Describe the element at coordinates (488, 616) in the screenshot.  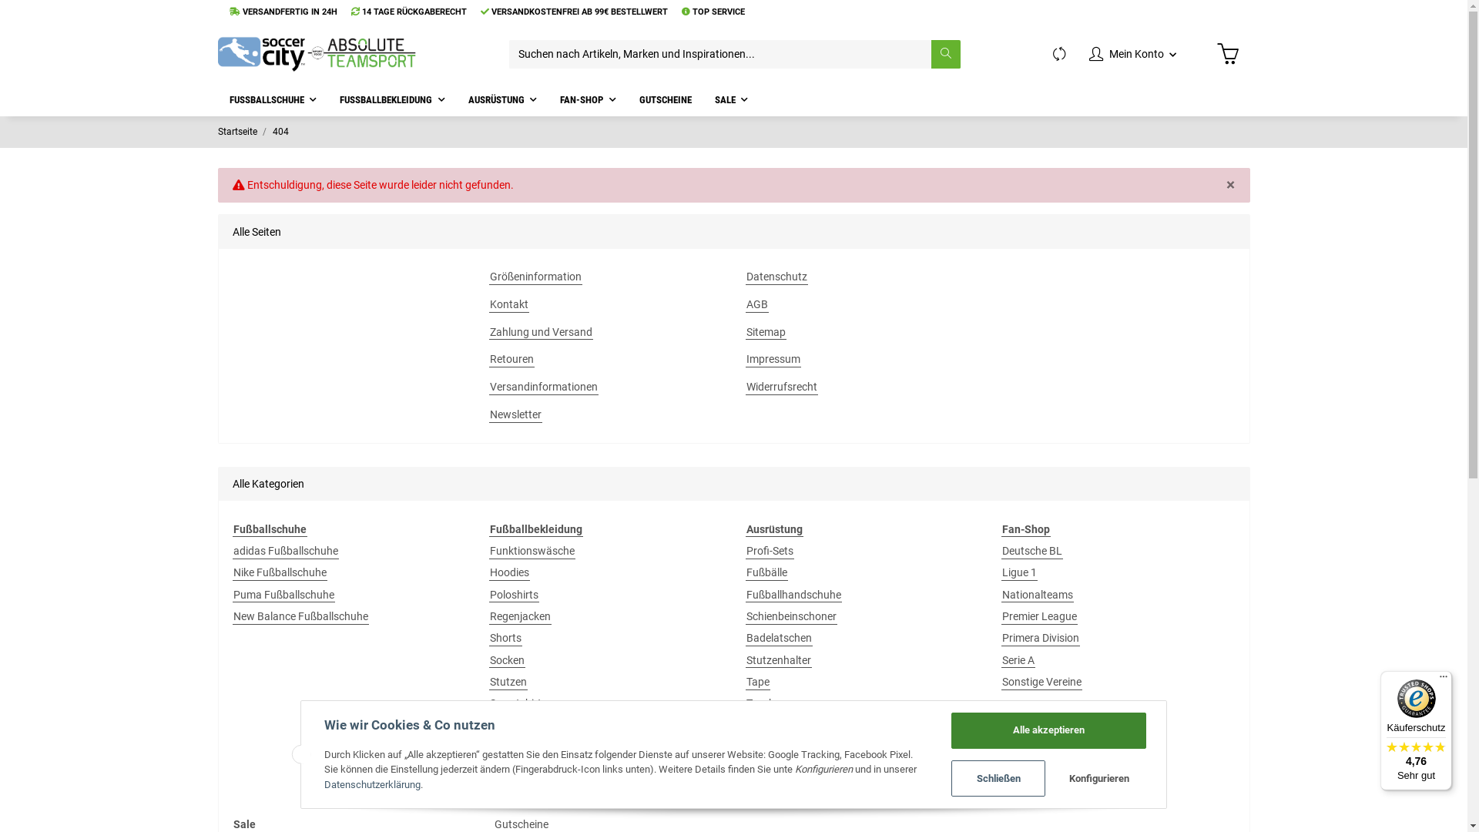
I see `'Regenjacken'` at that location.